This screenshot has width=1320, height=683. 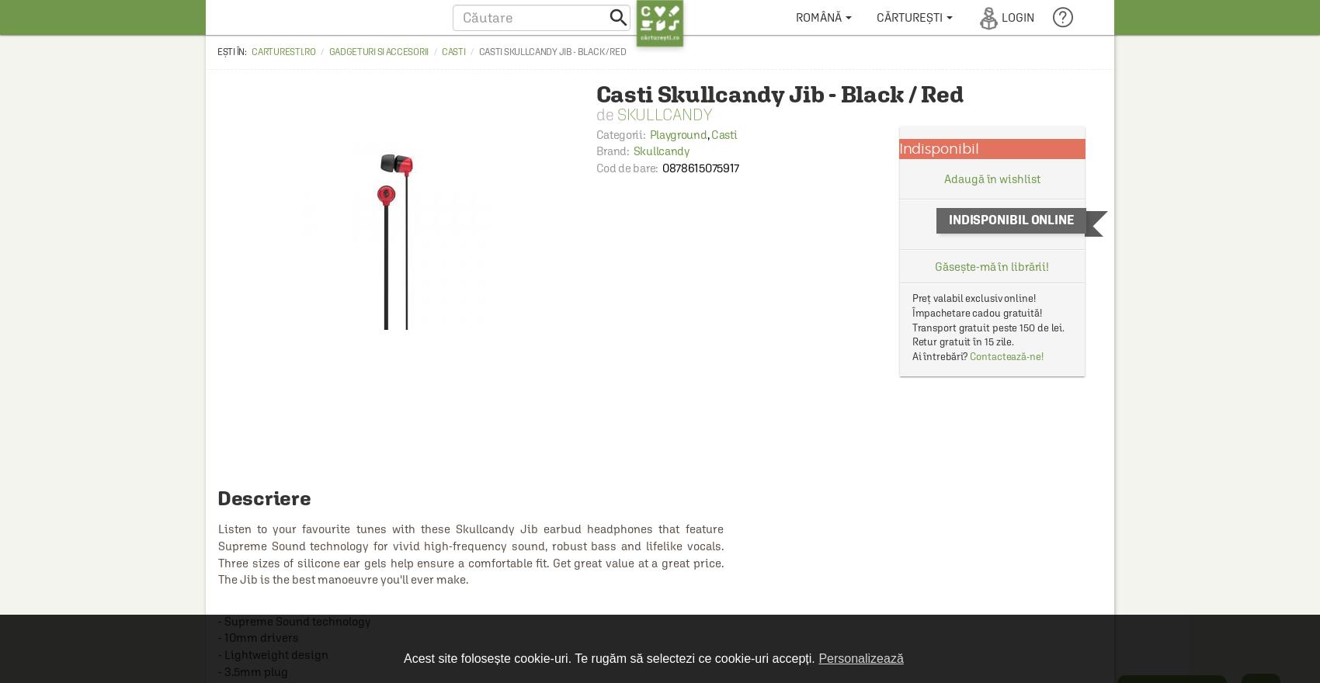 What do you see at coordinates (610, 657) in the screenshot?
I see `'Acest site folosește cookie-uri. Te rugăm să selectezi ce cookie-uri accepți.'` at bounding box center [610, 657].